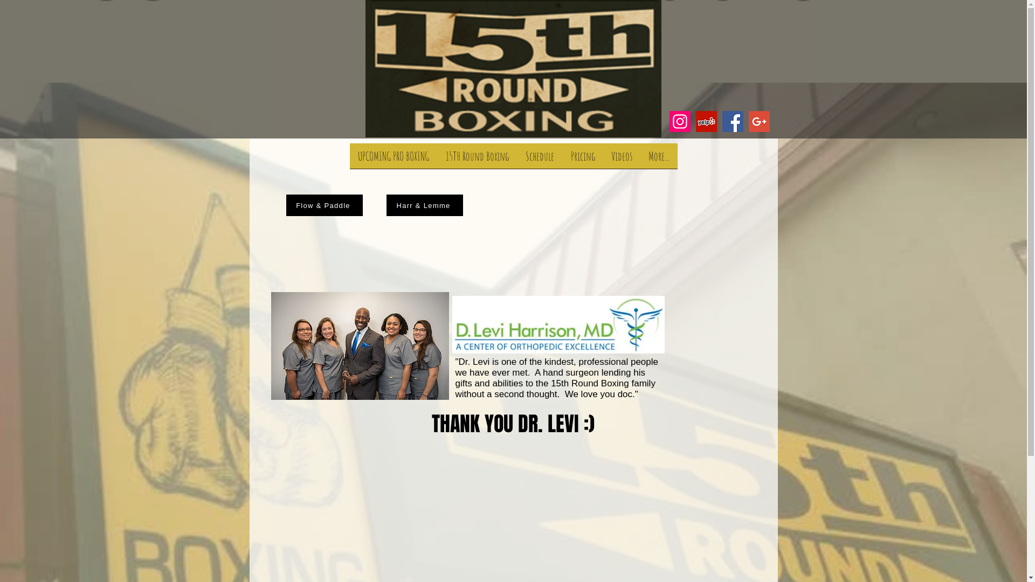 The image size is (1035, 582). Describe the element at coordinates (285, 205) in the screenshot. I see `'Flow & Paddle'` at that location.